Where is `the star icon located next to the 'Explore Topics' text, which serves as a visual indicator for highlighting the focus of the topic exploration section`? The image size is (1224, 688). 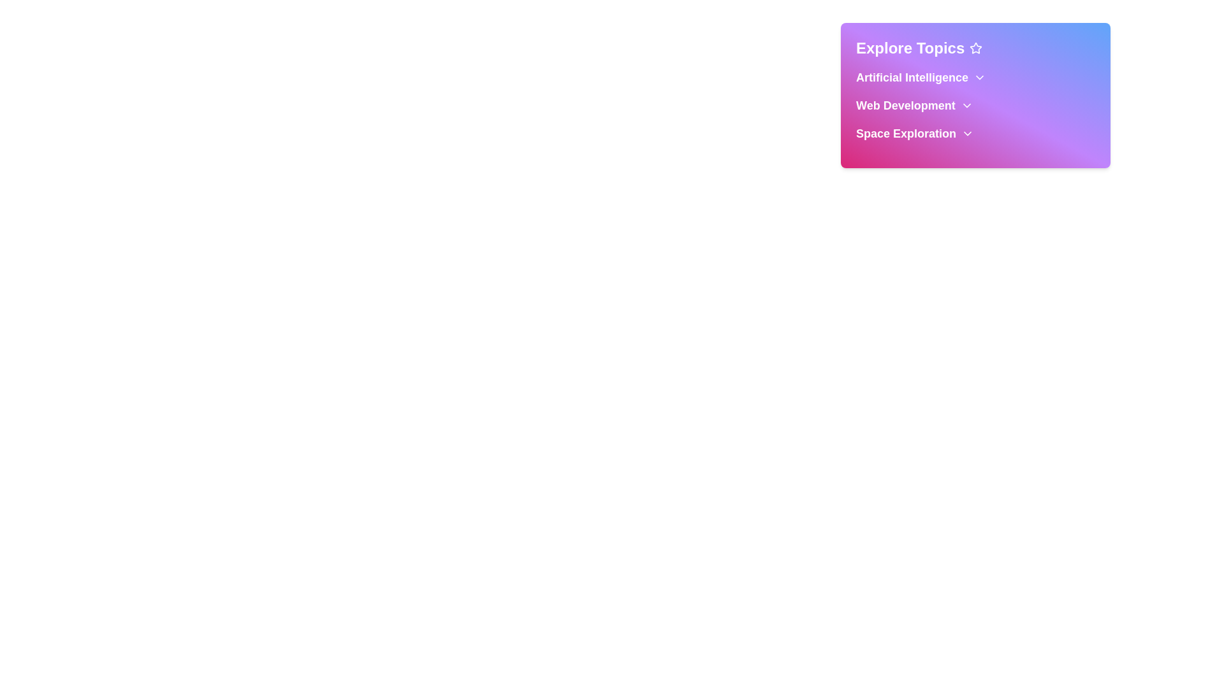 the star icon located next to the 'Explore Topics' text, which serves as a visual indicator for highlighting the focus of the topic exploration section is located at coordinates (975, 48).